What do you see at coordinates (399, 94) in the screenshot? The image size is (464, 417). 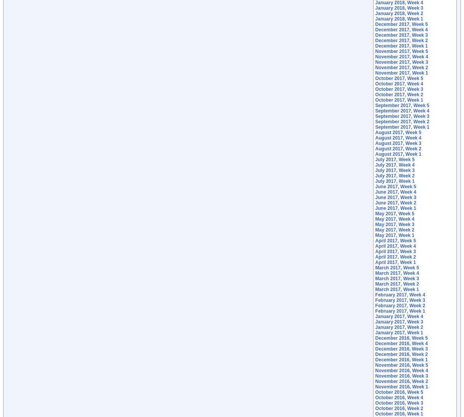 I see `'October 2017, Week 2'` at bounding box center [399, 94].